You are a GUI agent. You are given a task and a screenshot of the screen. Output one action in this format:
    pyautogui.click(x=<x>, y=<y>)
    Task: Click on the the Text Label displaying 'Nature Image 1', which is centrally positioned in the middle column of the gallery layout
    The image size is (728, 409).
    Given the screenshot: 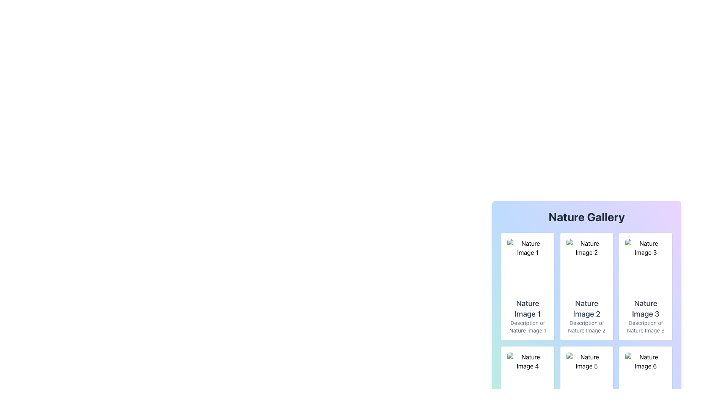 What is the action you would take?
    pyautogui.click(x=527, y=308)
    